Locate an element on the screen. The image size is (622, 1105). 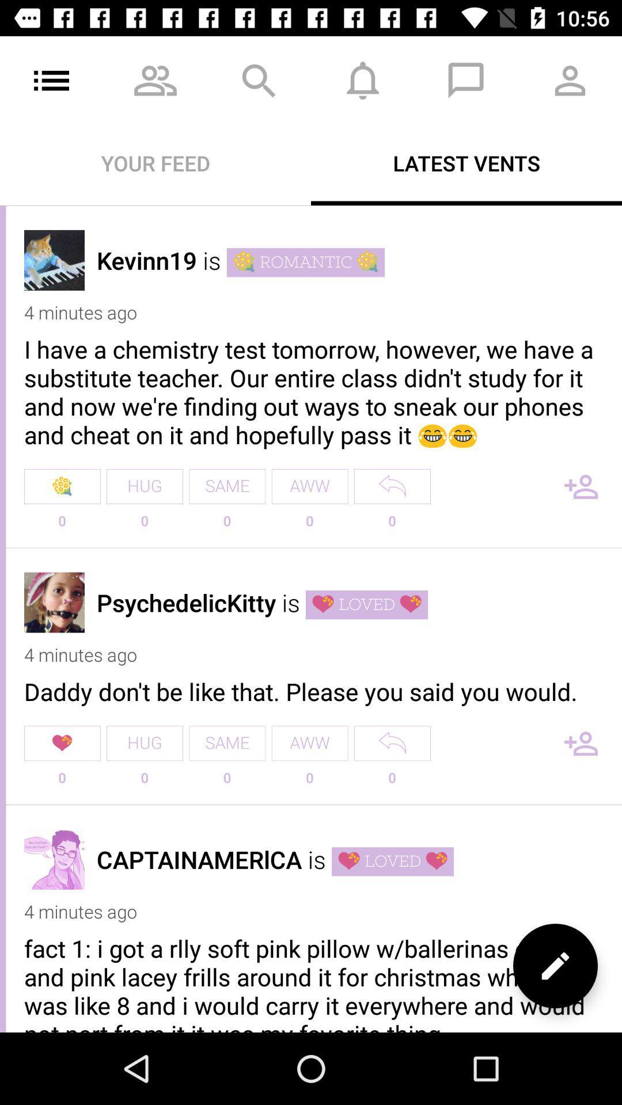
click for user profile is located at coordinates (54, 260).